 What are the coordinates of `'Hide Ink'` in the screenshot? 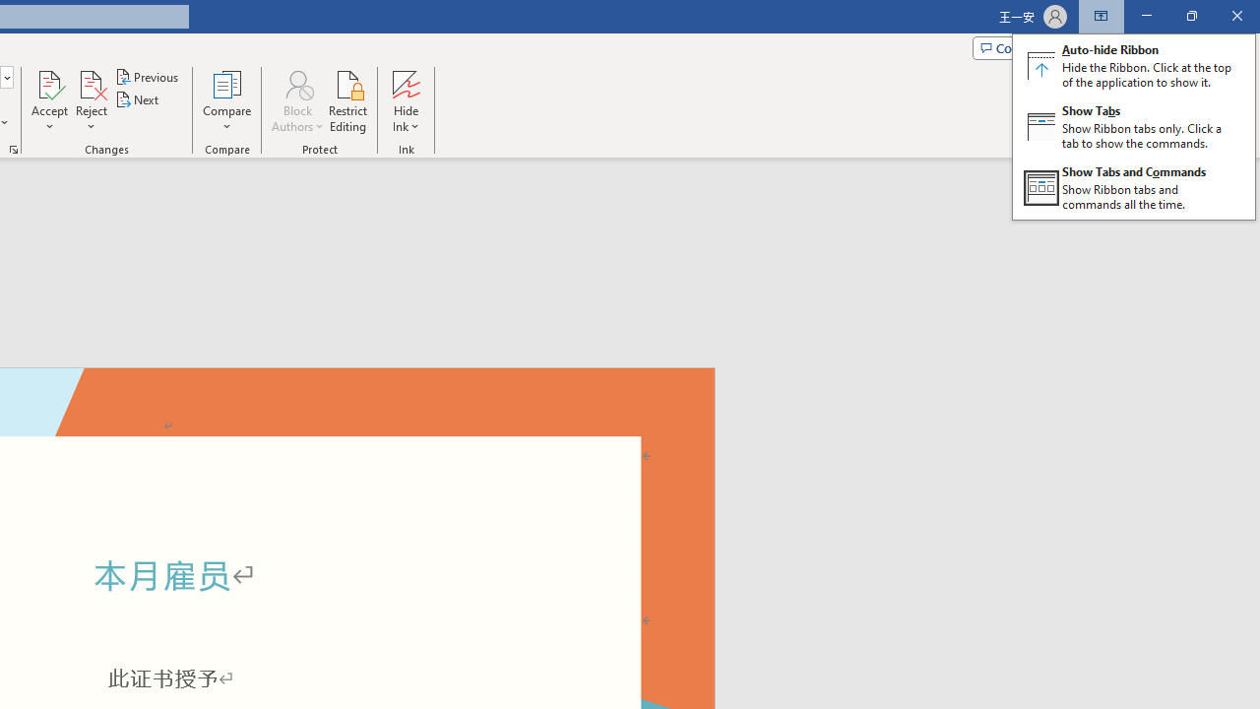 It's located at (405, 83).